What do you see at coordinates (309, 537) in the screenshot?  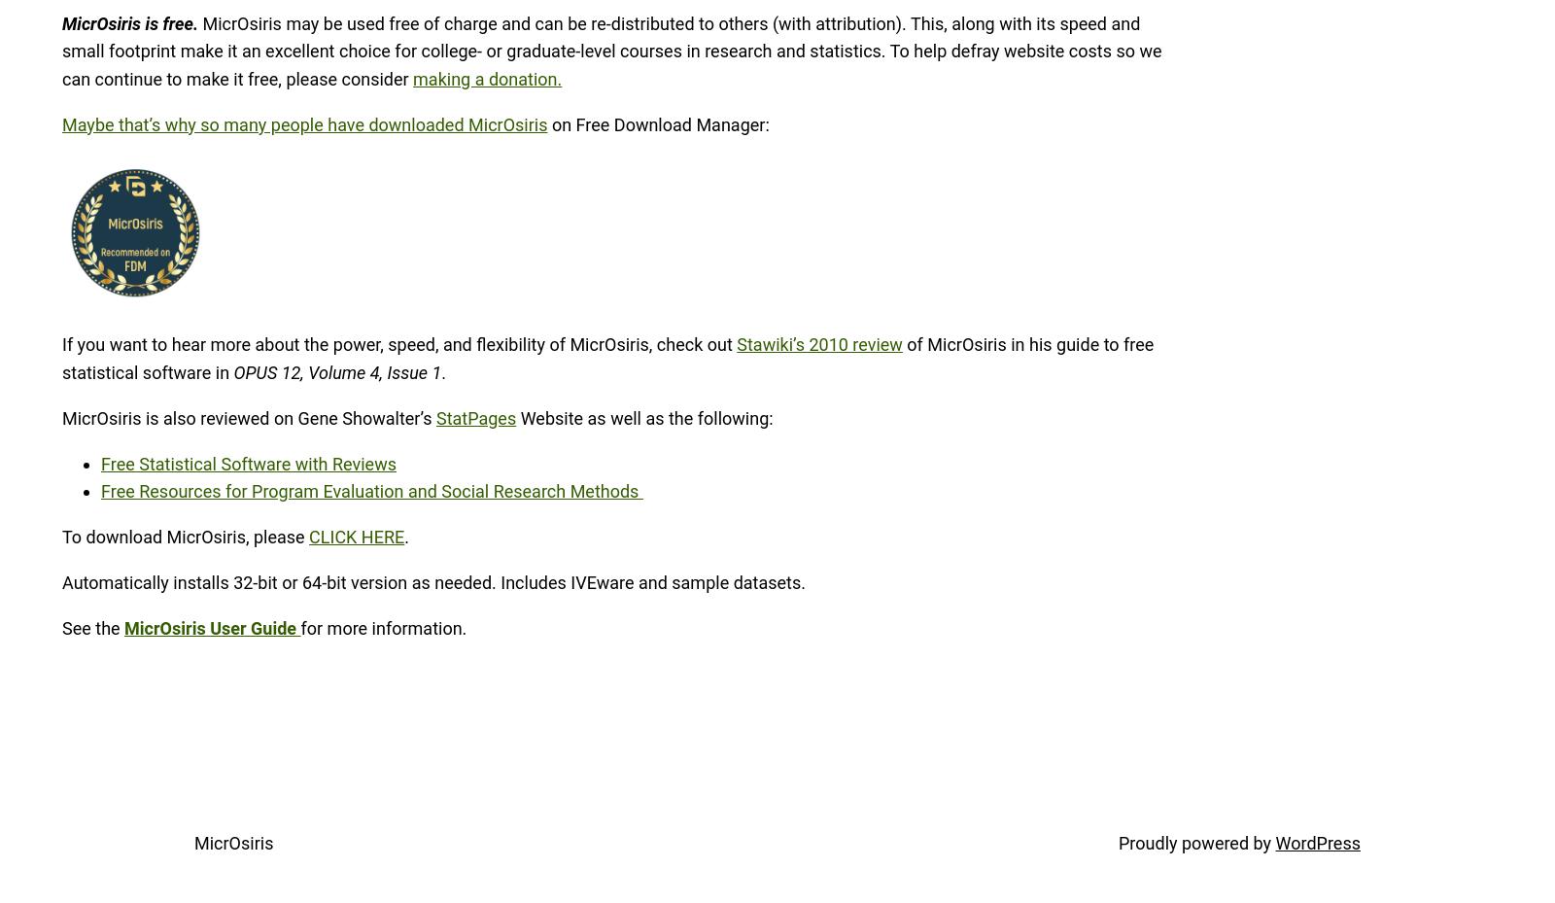 I see `'CLICK HERE'` at bounding box center [309, 537].